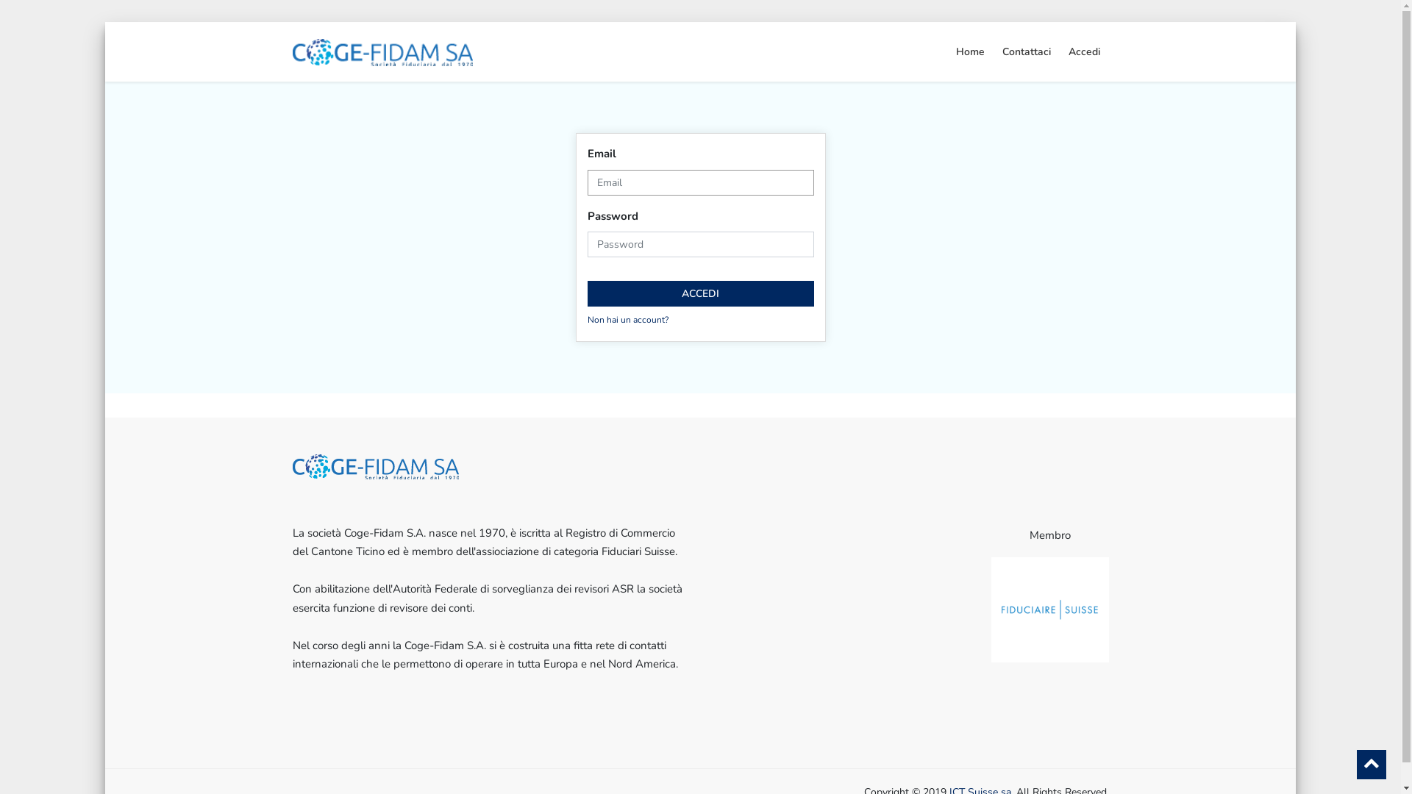 The height and width of the screenshot is (794, 1412). I want to click on 'Contattaci', so click(1025, 51).